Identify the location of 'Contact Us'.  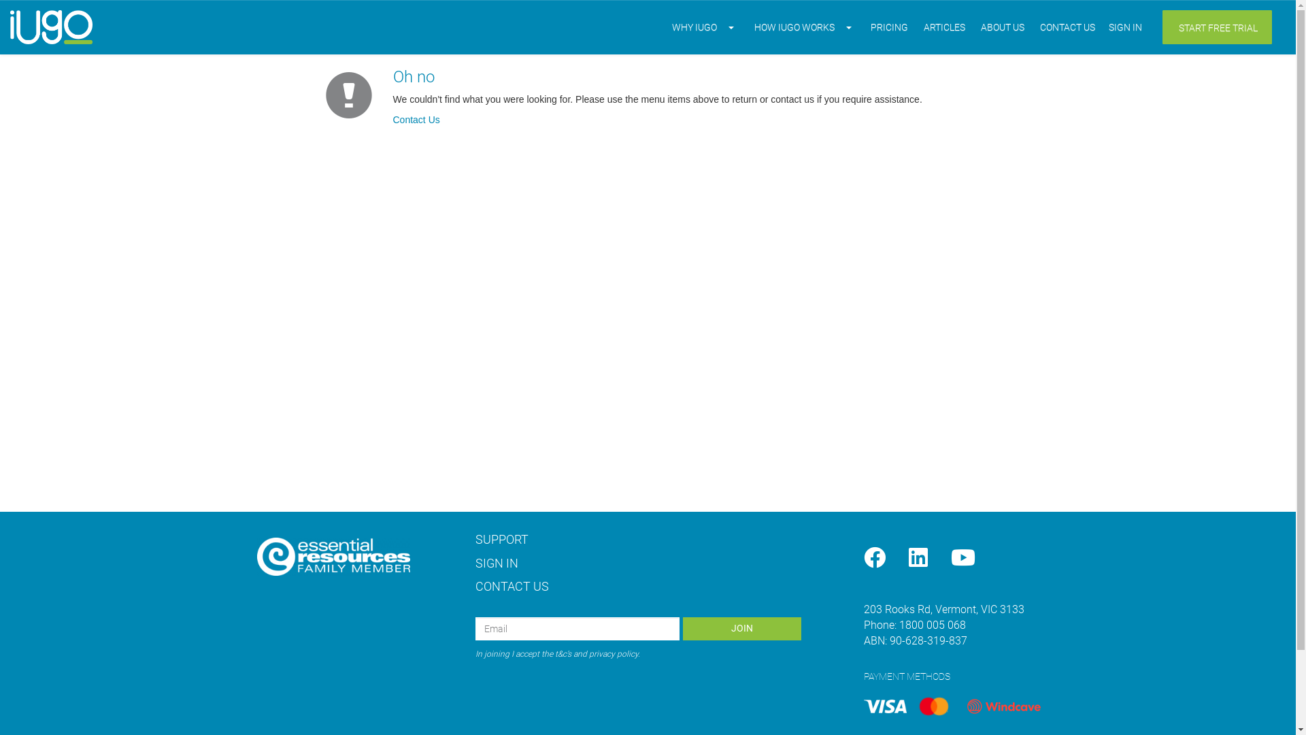
(416, 119).